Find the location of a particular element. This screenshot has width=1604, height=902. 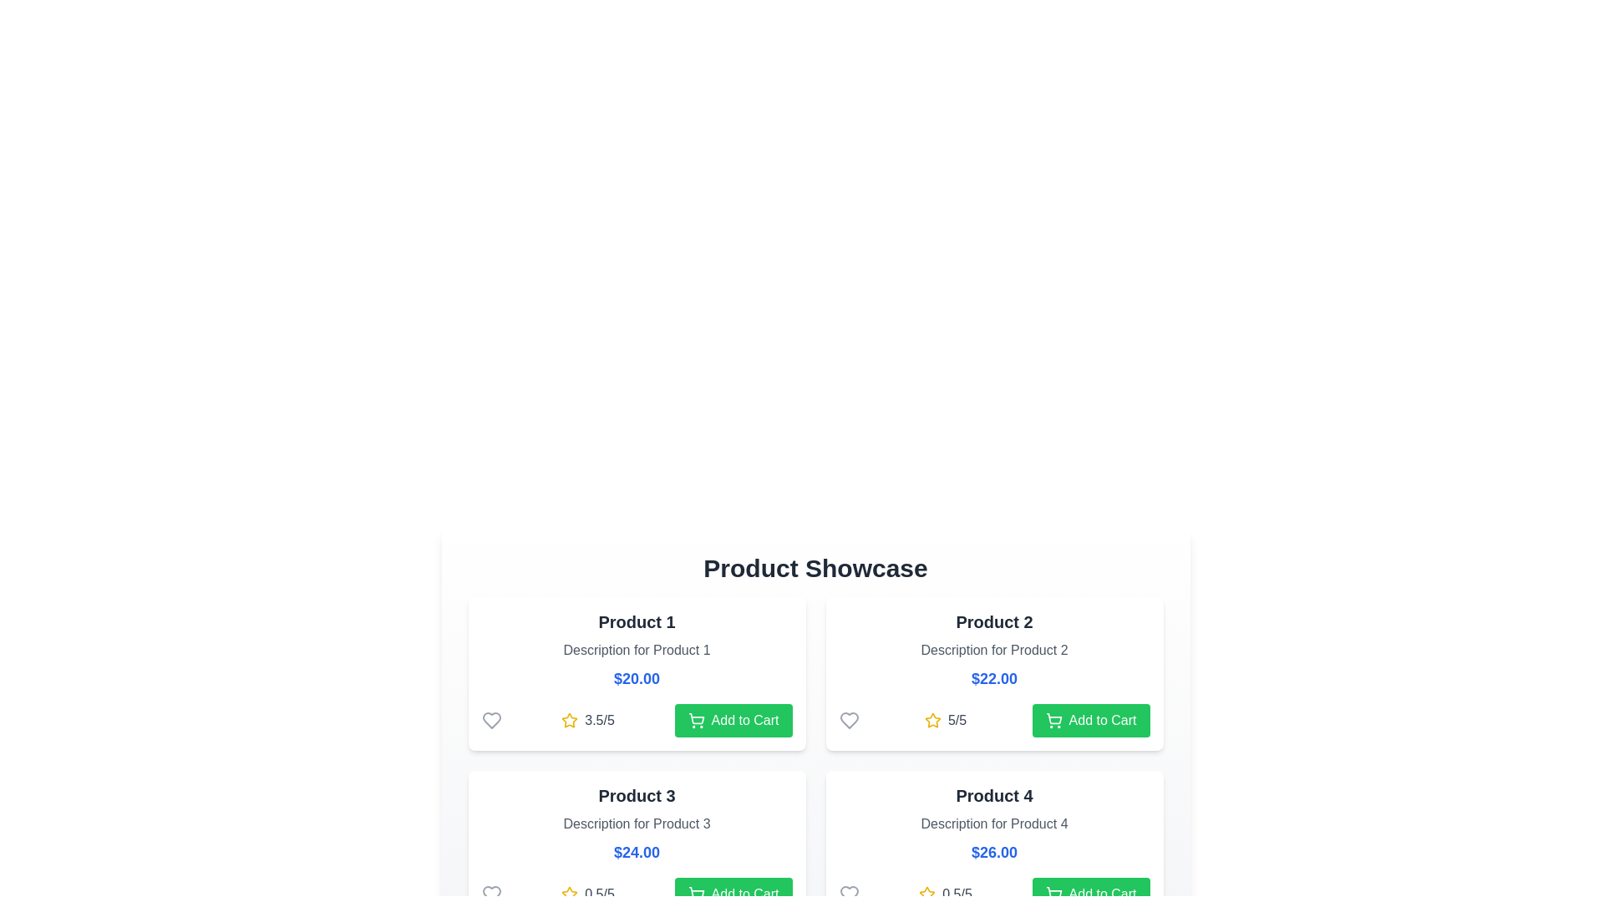

the button located in the bottom-right corner of the card for 'Product 2' is located at coordinates (1090, 720).